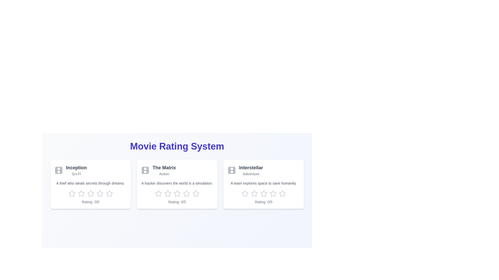 The width and height of the screenshot is (499, 280). I want to click on the genre of the movie titled 'Inception', so click(76, 174).